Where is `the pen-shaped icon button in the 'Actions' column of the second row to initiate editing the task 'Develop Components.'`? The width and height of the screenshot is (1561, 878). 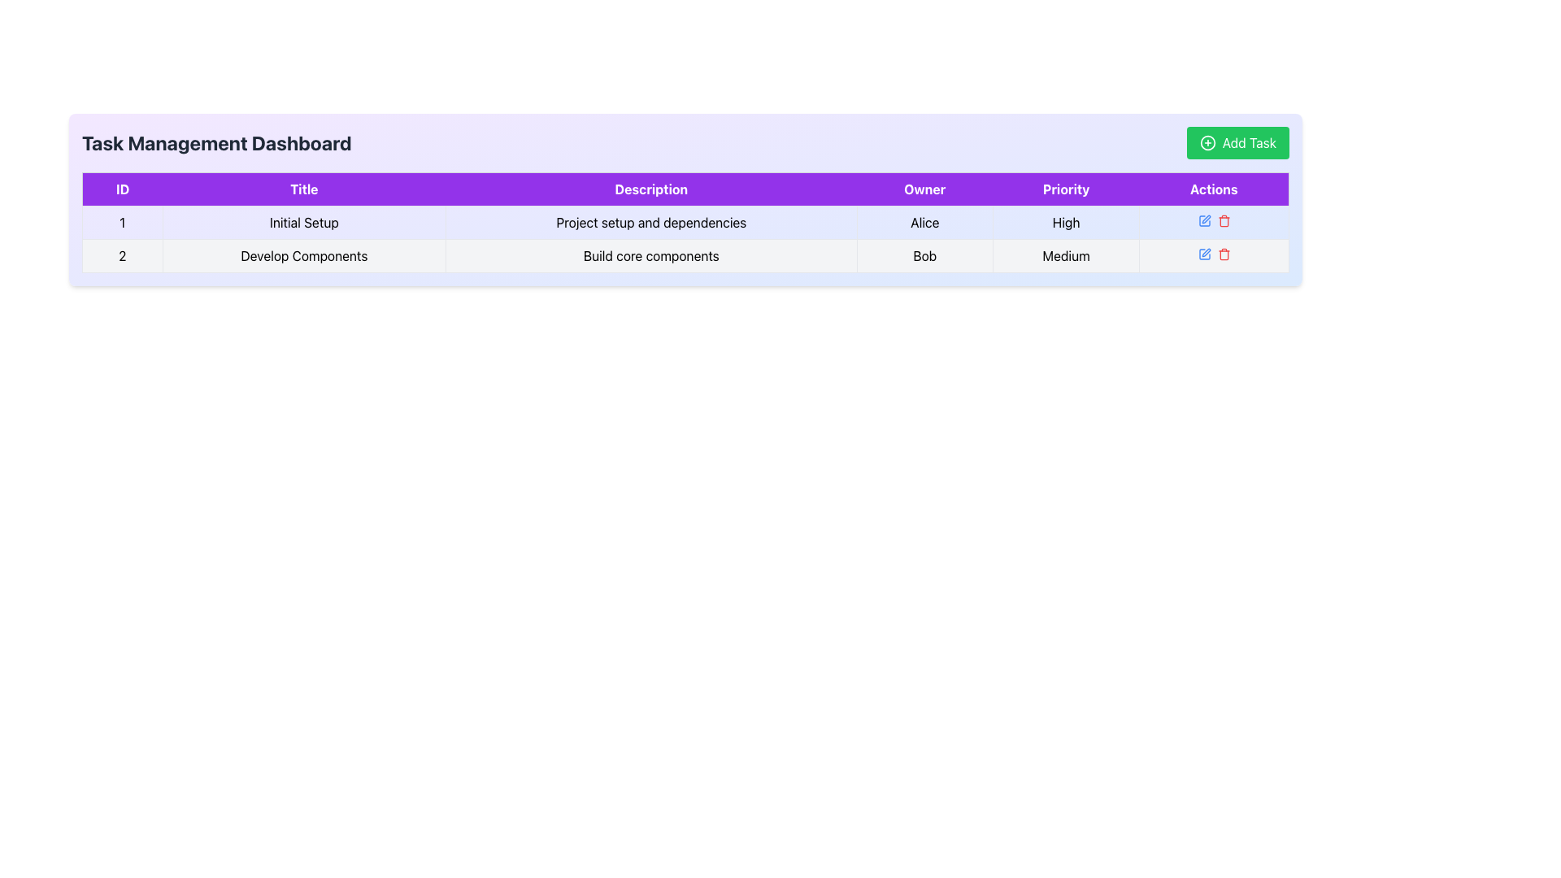 the pen-shaped icon button in the 'Actions' column of the second row to initiate editing the task 'Develop Components.' is located at coordinates (1206, 253).